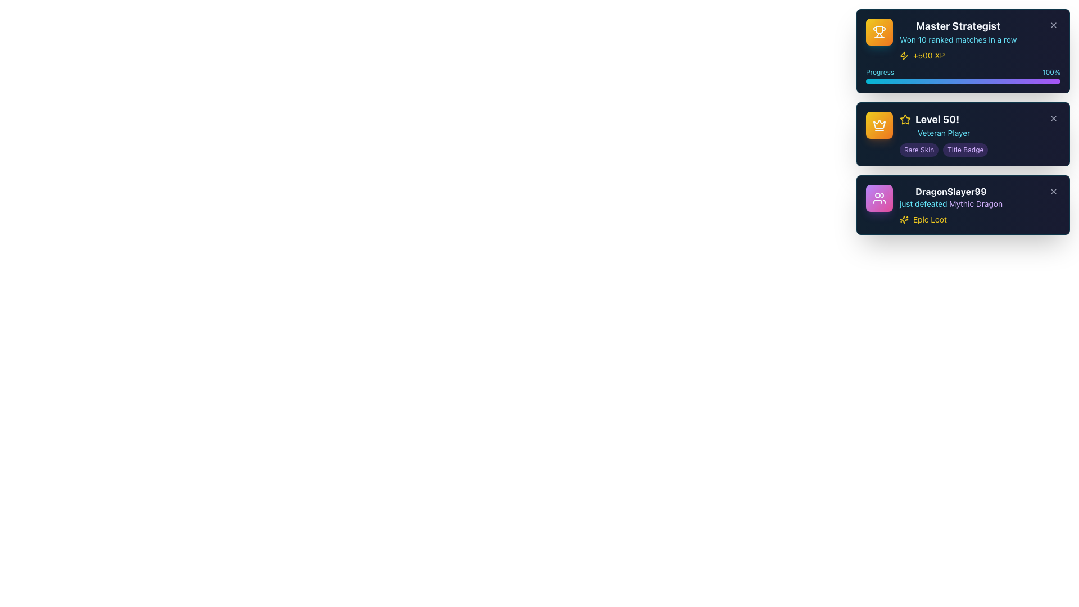  Describe the element at coordinates (1053, 119) in the screenshot. I see `the 'close' button located in the top-right corner of the 'Level 50!' card` at that location.